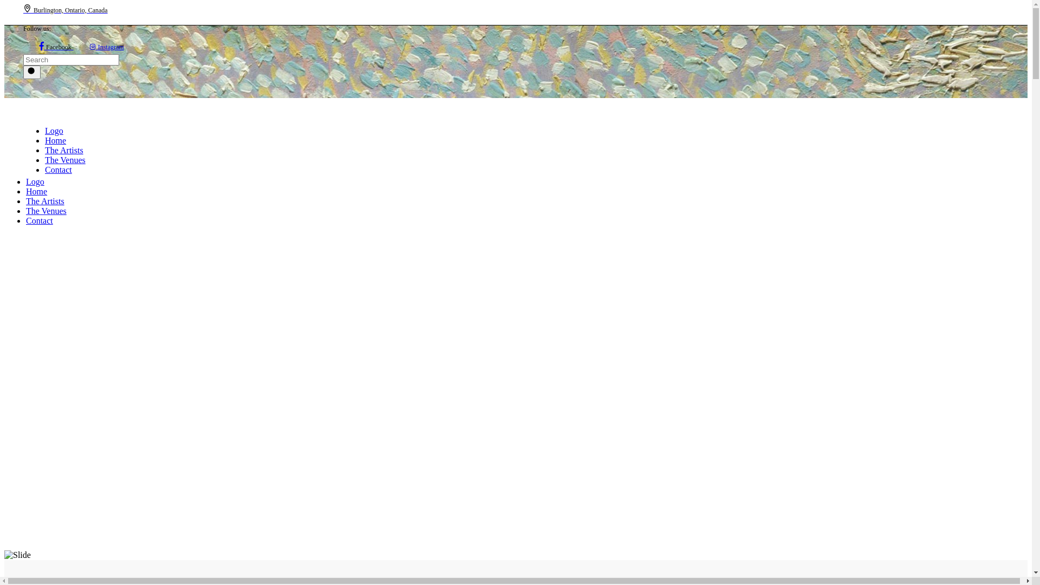 This screenshot has height=585, width=1040. I want to click on 'Burlington, Ontario, Canada', so click(64, 9).